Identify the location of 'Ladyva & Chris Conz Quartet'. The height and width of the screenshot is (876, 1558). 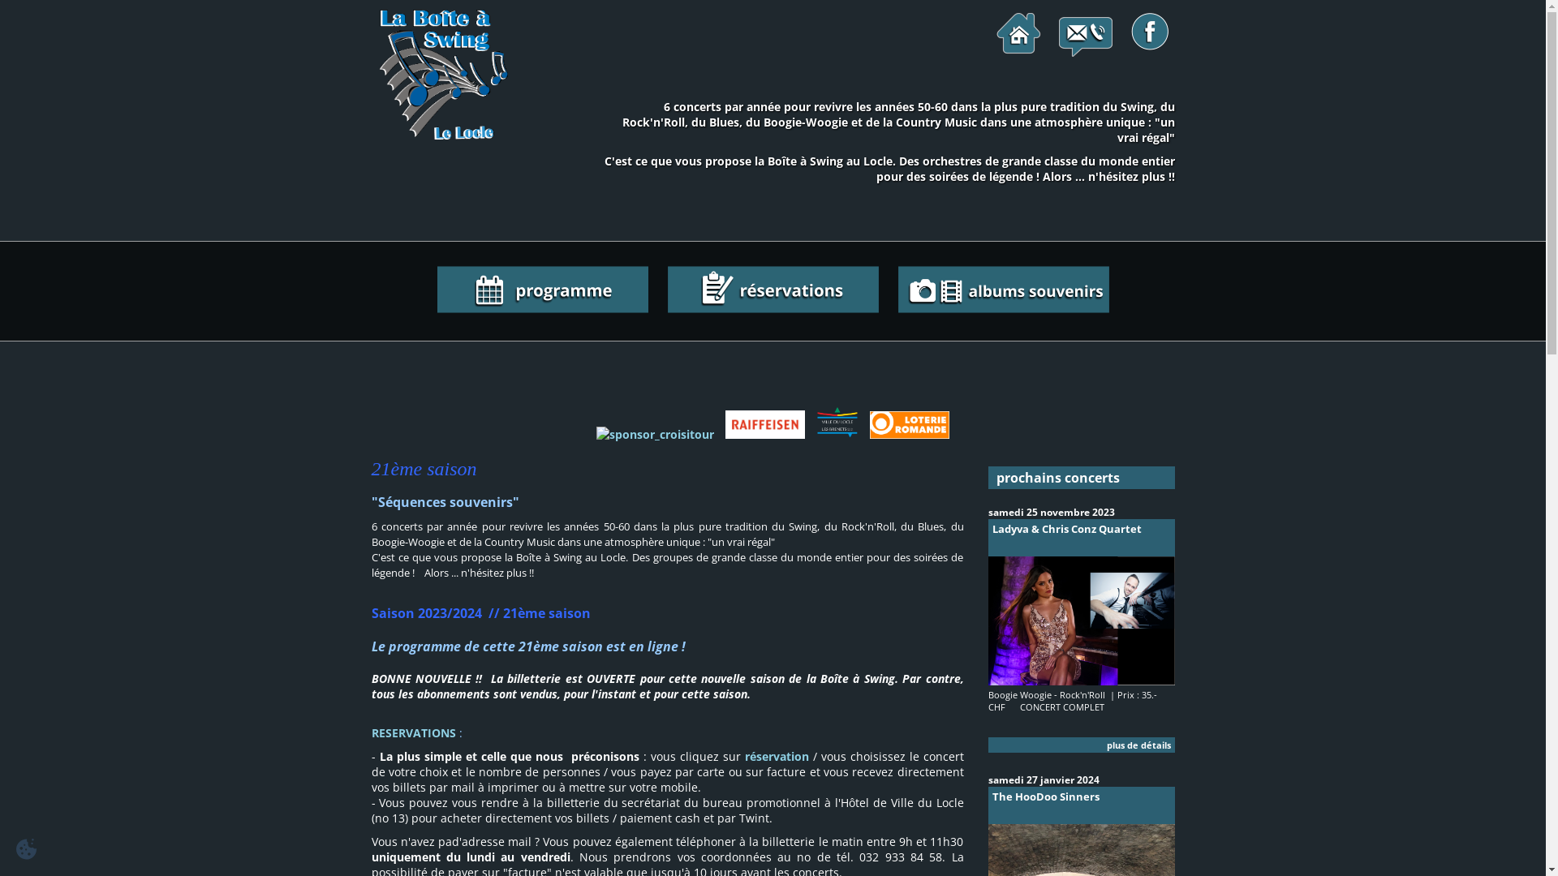
(1082, 538).